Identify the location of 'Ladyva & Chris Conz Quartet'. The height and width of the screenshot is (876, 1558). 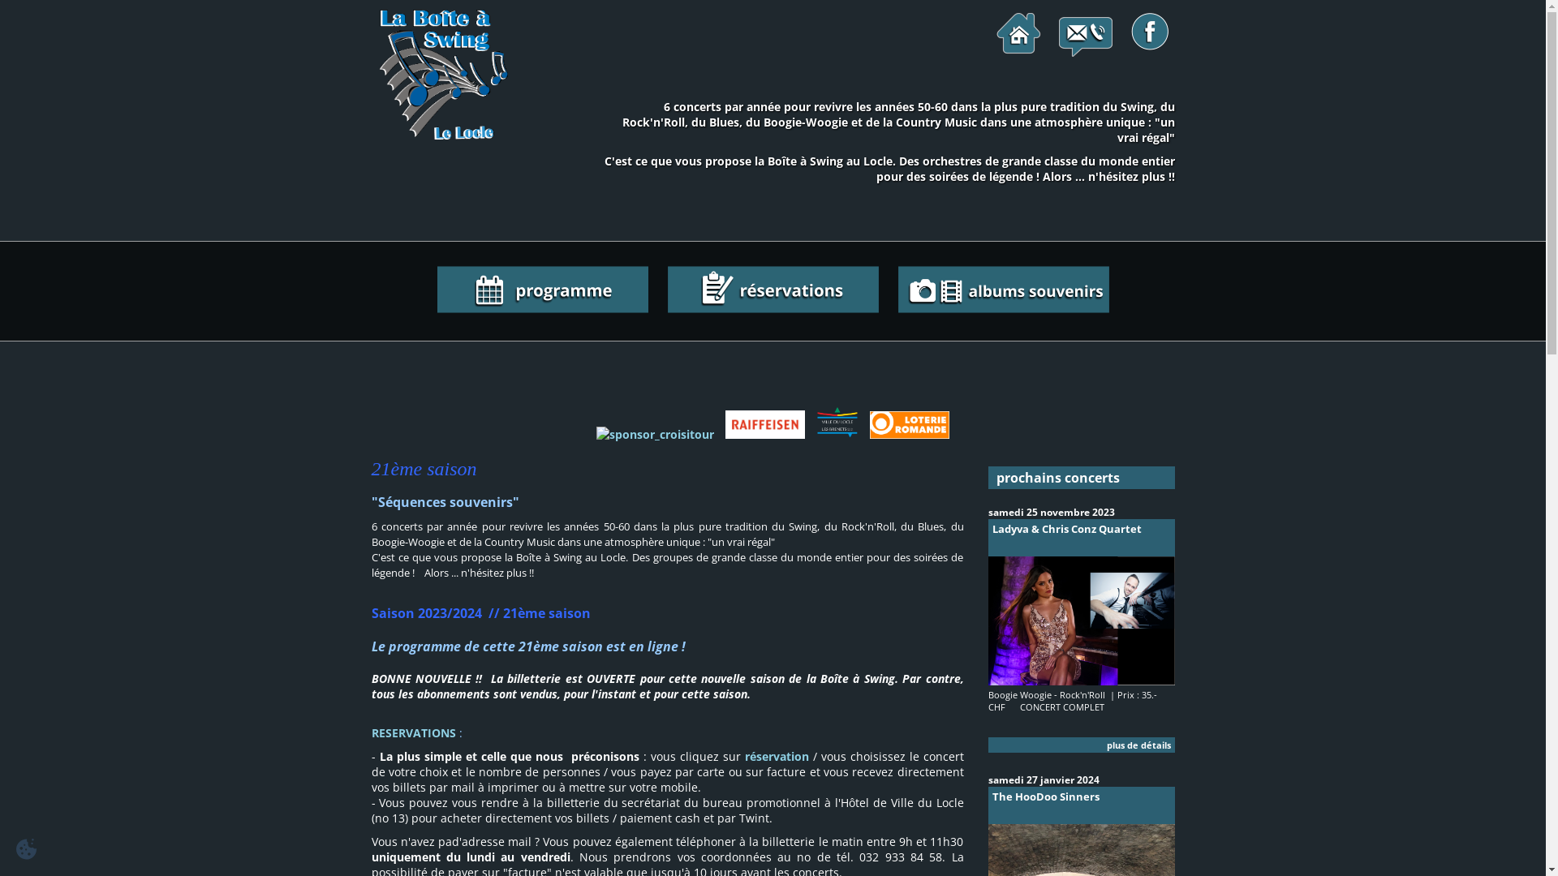
(1082, 538).